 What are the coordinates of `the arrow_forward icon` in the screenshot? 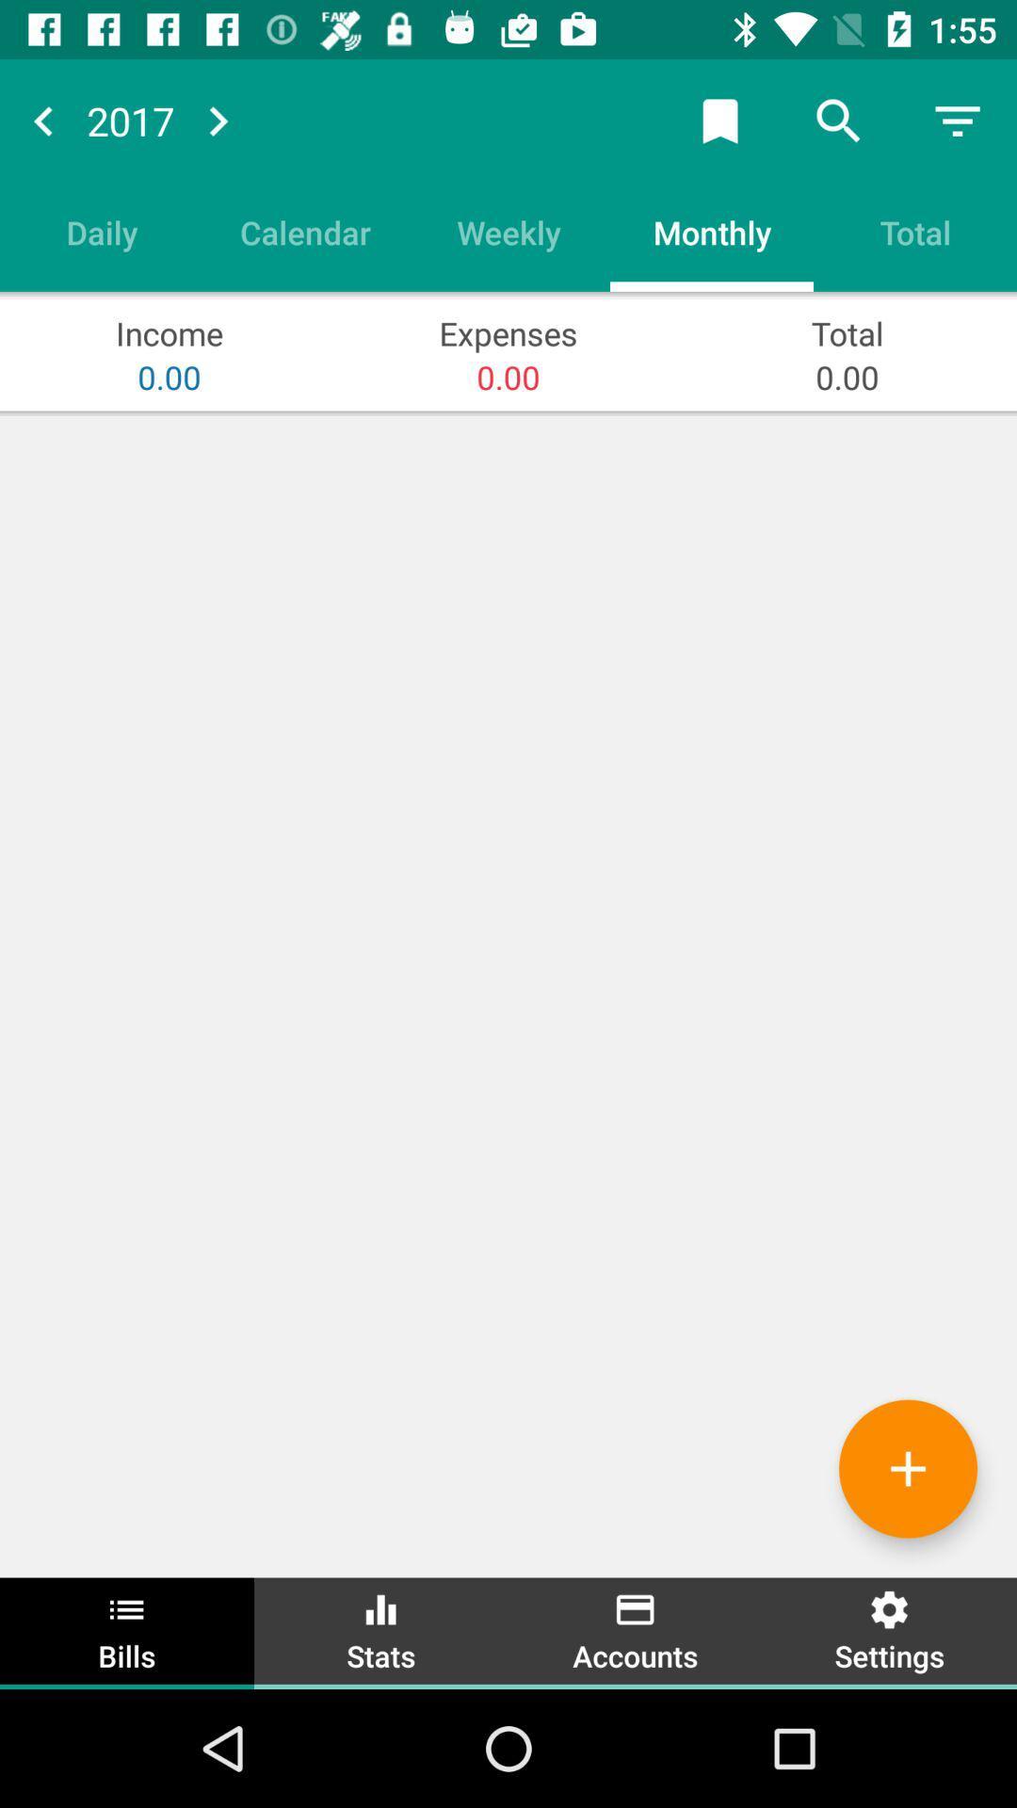 It's located at (217, 120).